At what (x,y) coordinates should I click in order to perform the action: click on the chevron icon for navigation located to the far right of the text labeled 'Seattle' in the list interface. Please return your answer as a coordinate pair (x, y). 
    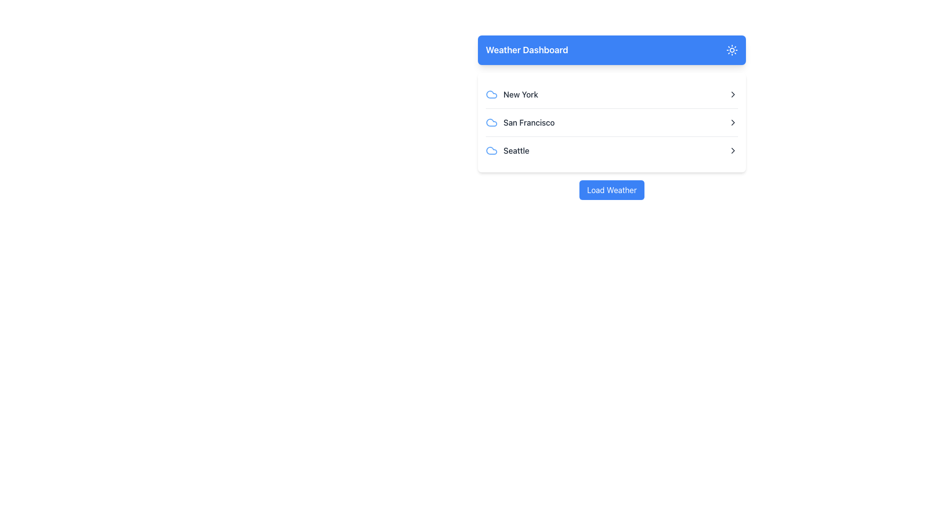
    Looking at the image, I should click on (733, 150).